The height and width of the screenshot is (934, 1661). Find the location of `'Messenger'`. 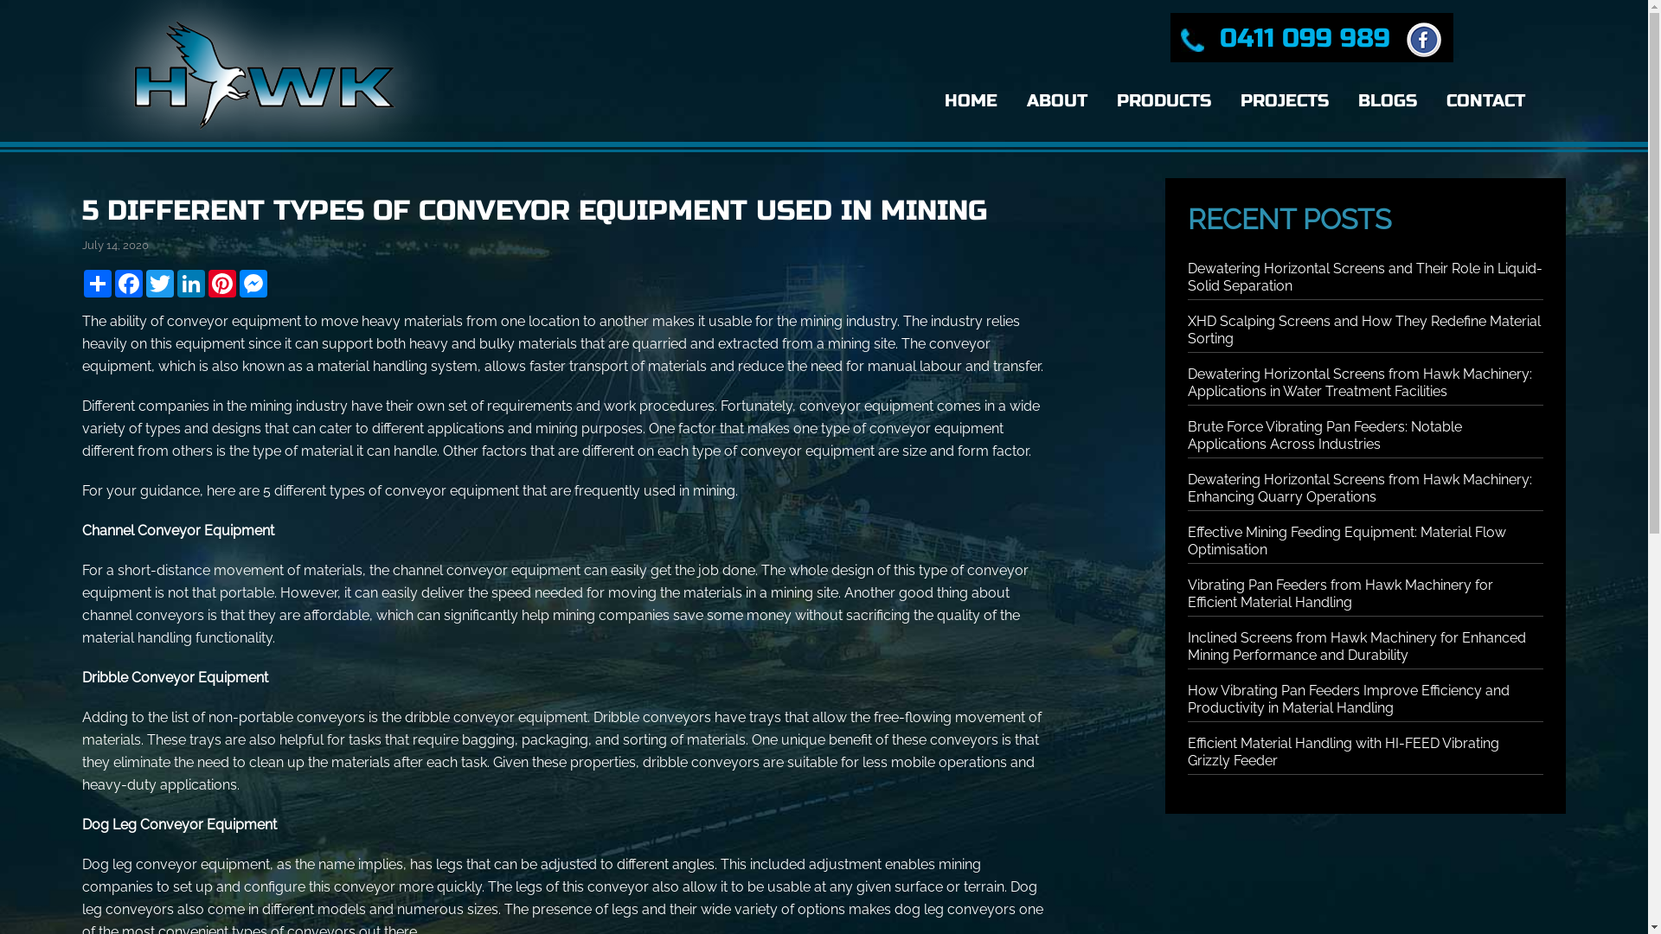

'Messenger' is located at coordinates (252, 282).